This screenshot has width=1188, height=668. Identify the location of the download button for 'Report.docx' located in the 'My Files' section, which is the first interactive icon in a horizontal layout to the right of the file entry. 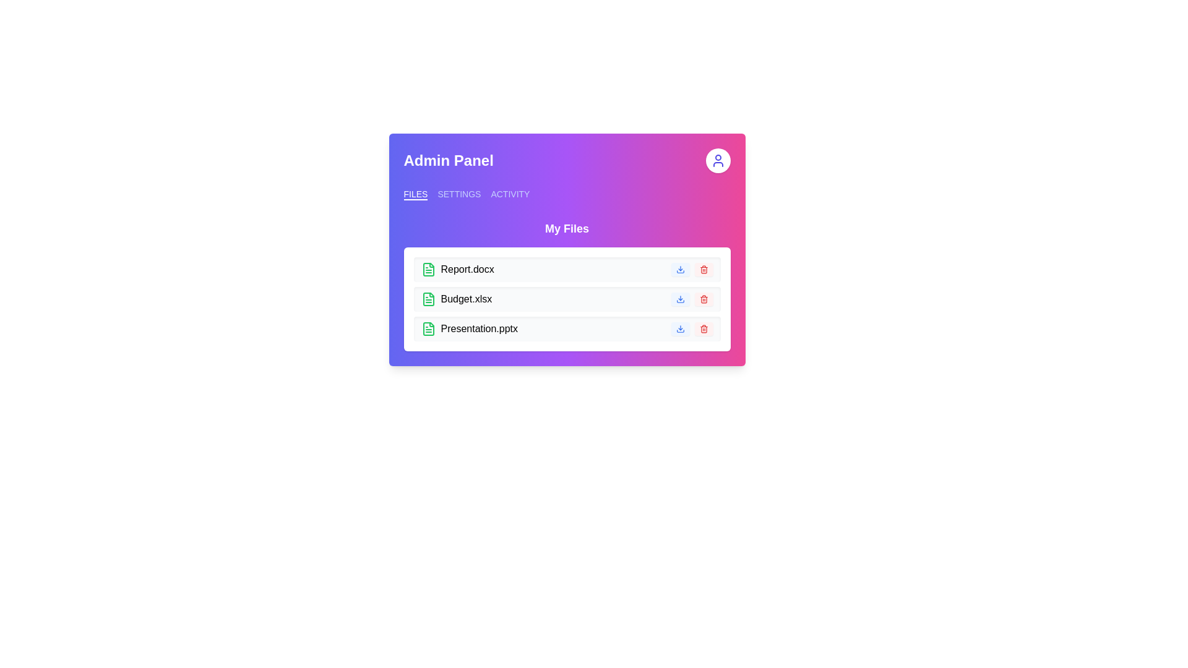
(679, 268).